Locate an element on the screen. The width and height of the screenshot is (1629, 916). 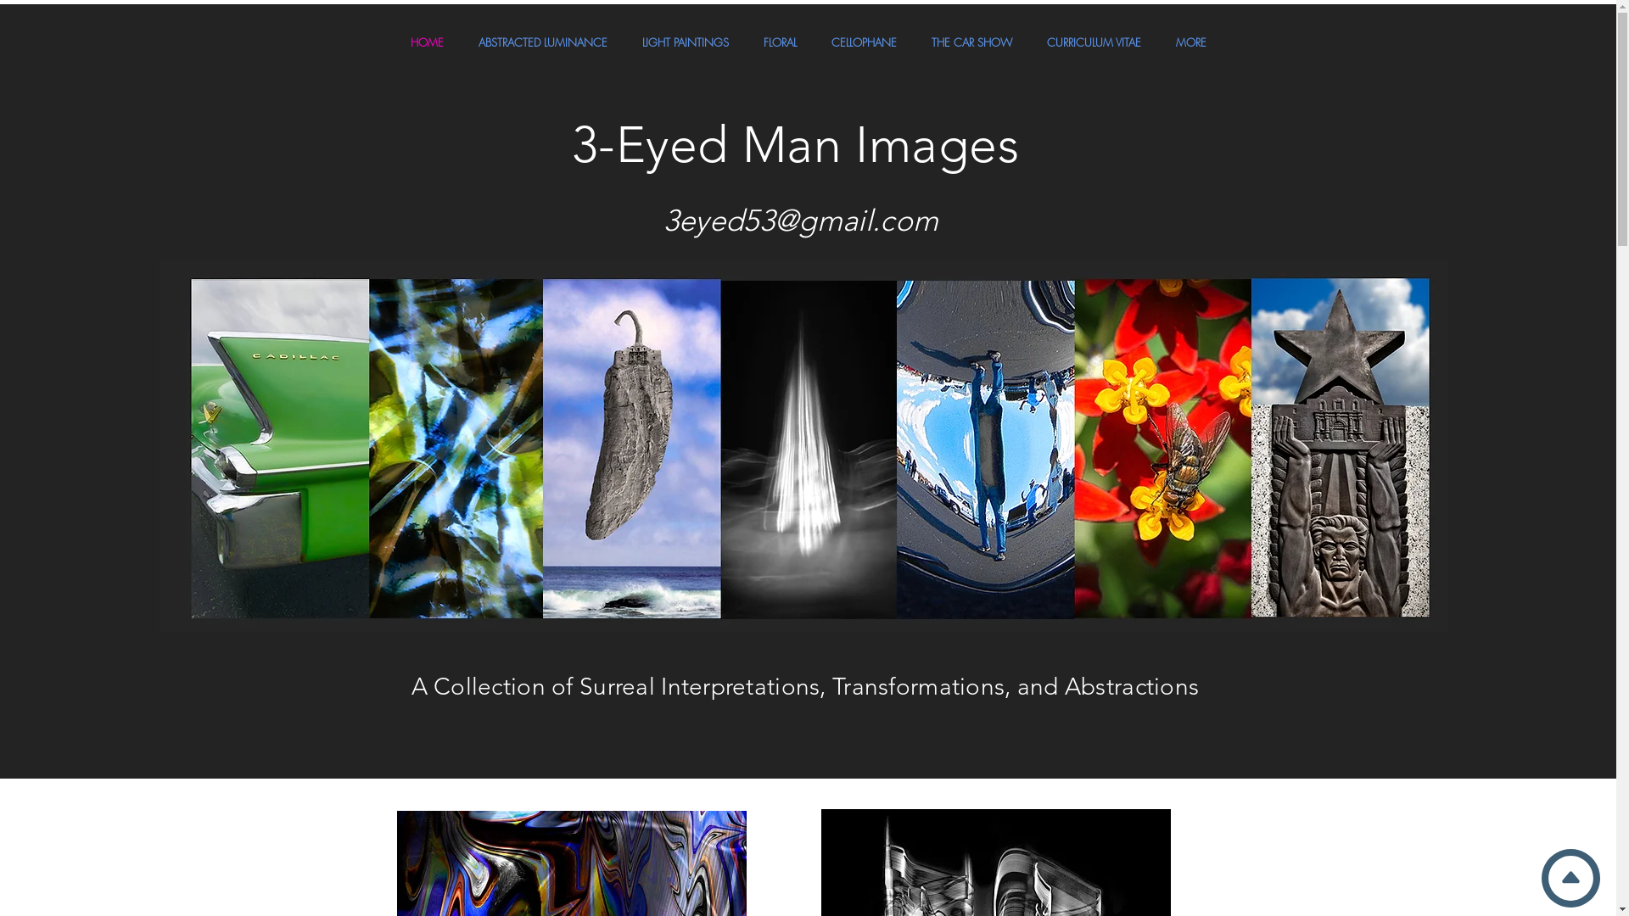
'3eyed53@gmail.com' is located at coordinates (800, 219).